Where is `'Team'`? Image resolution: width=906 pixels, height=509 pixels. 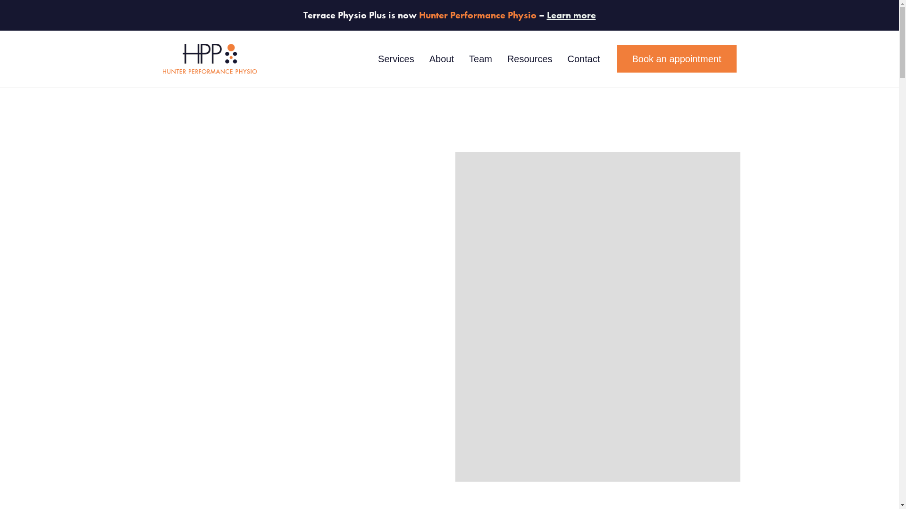
'Team' is located at coordinates (480, 59).